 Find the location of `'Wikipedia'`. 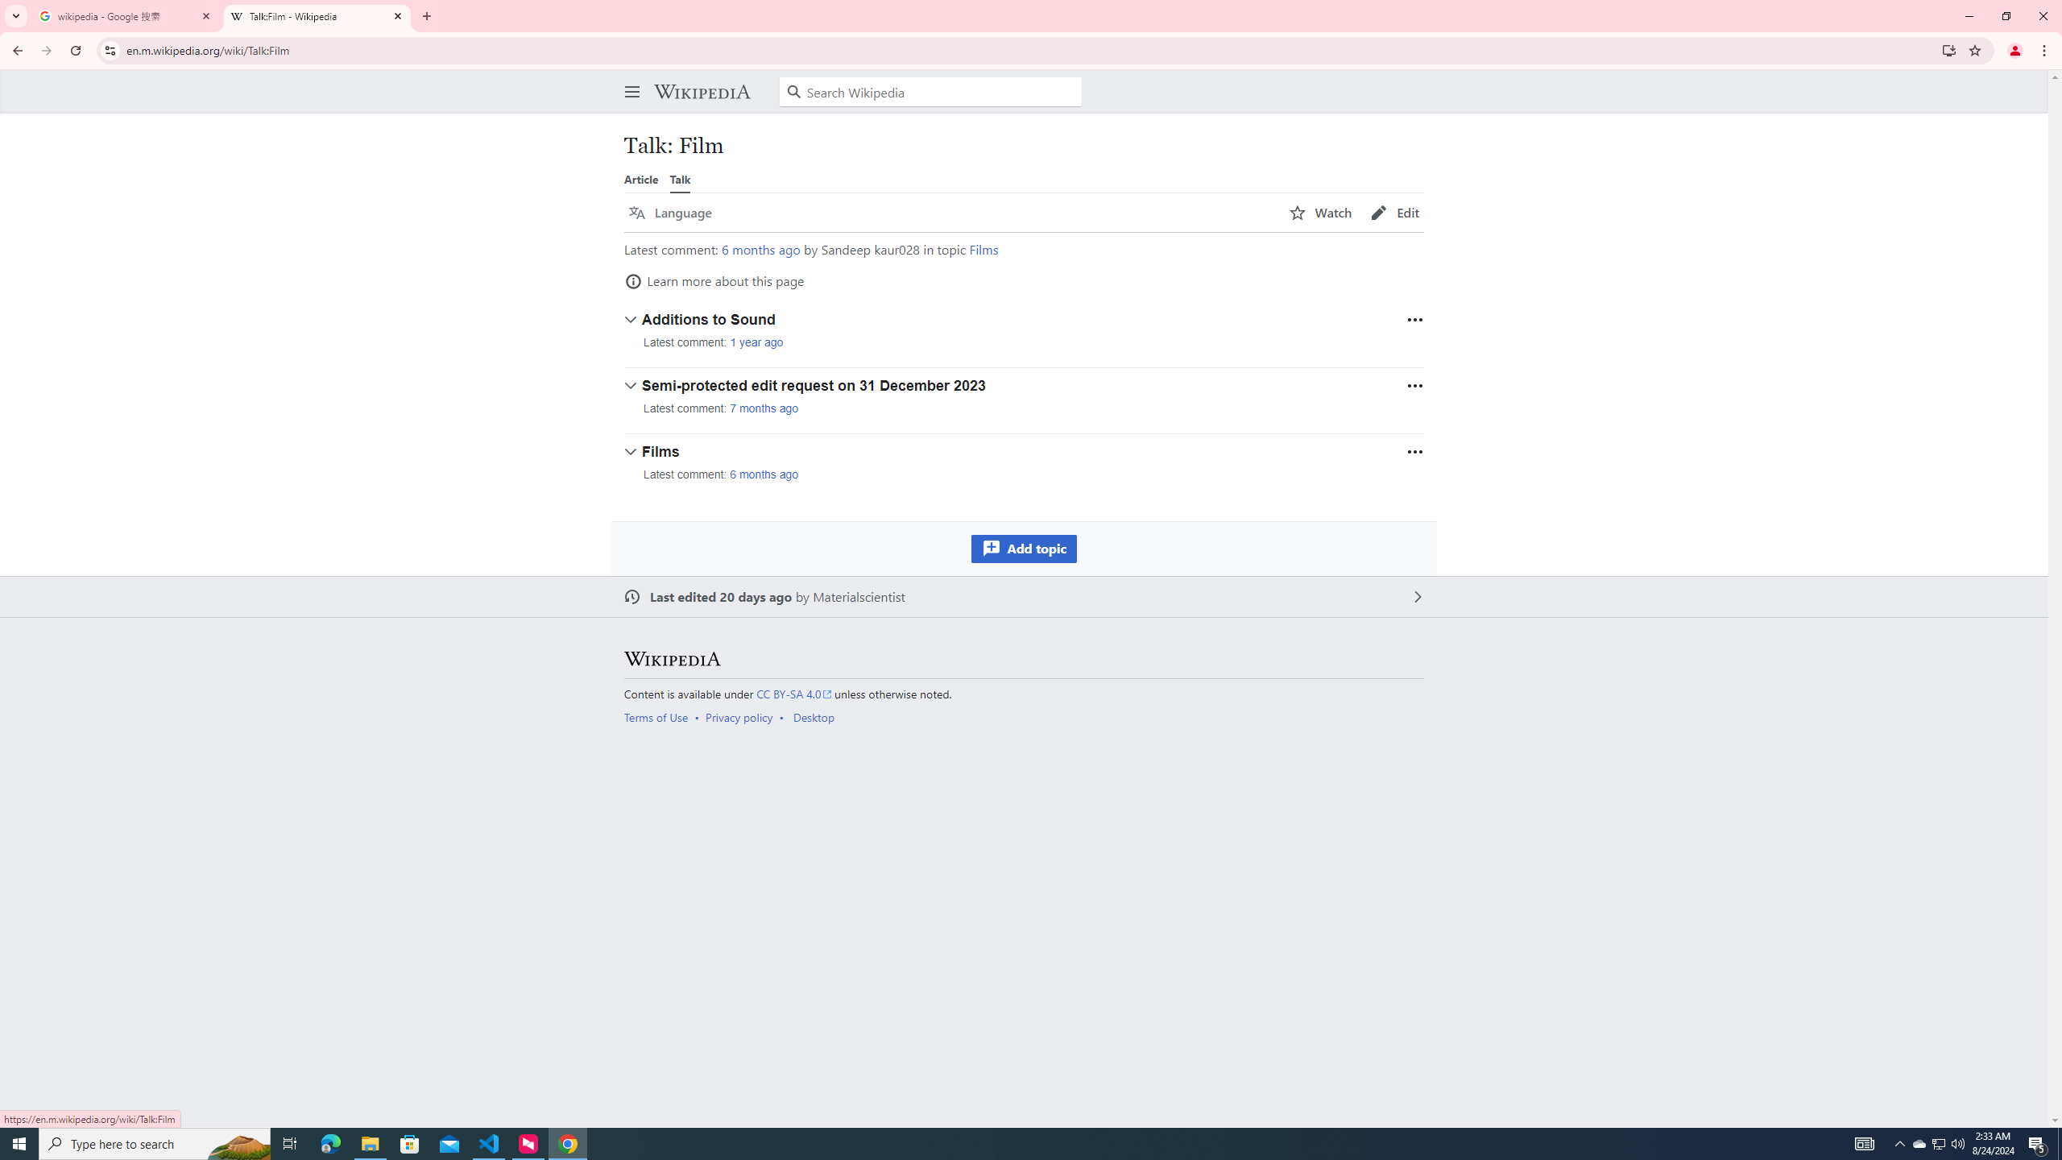

'Wikipedia' is located at coordinates (702, 90).